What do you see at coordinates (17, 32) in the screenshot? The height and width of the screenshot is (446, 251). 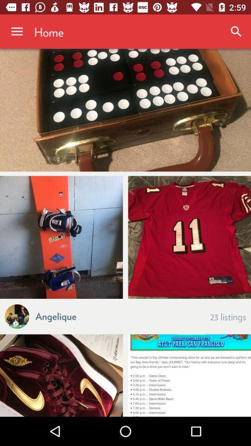 I see `item next to the home item` at bounding box center [17, 32].